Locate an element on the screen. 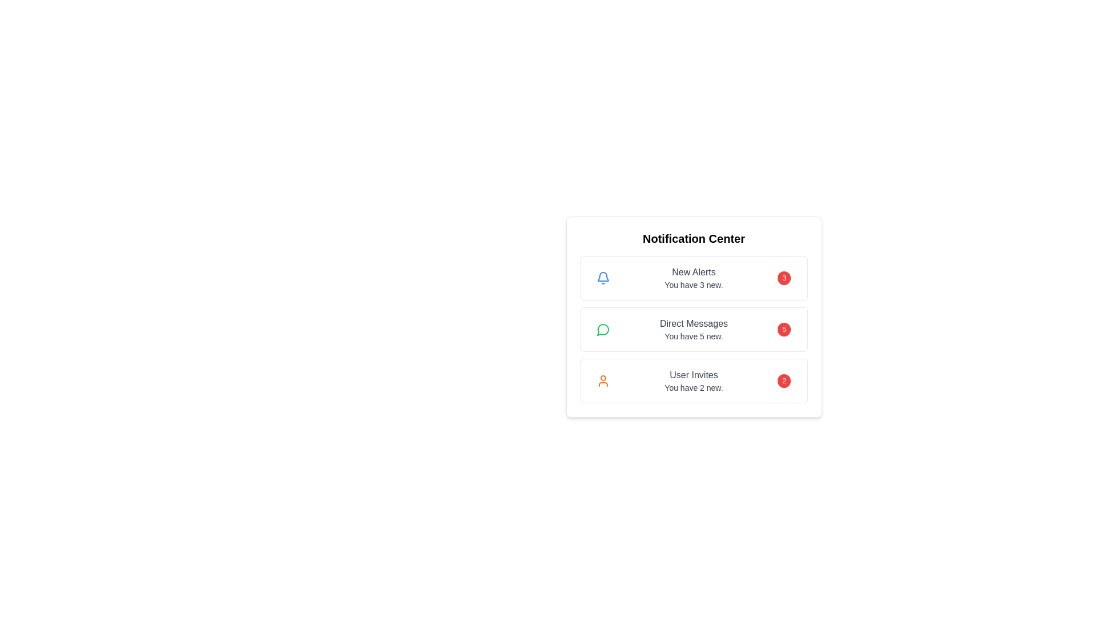  the text display that shows the number of new alerts received, located in the first notification card under the 'Notification Center' section, directly beneath the 'New Alerts' heading is located at coordinates (693, 284).